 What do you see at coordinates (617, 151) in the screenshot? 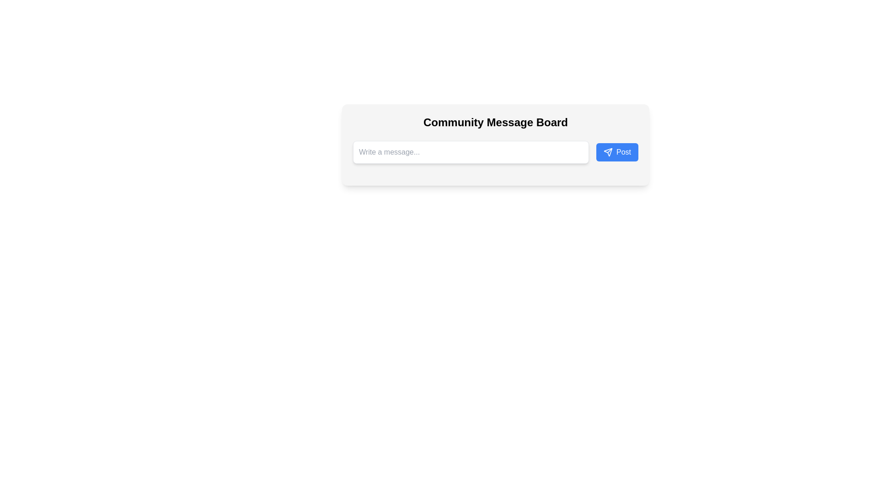
I see `the rectangular blue button labeled 'Post' with a paper plane icon` at bounding box center [617, 151].